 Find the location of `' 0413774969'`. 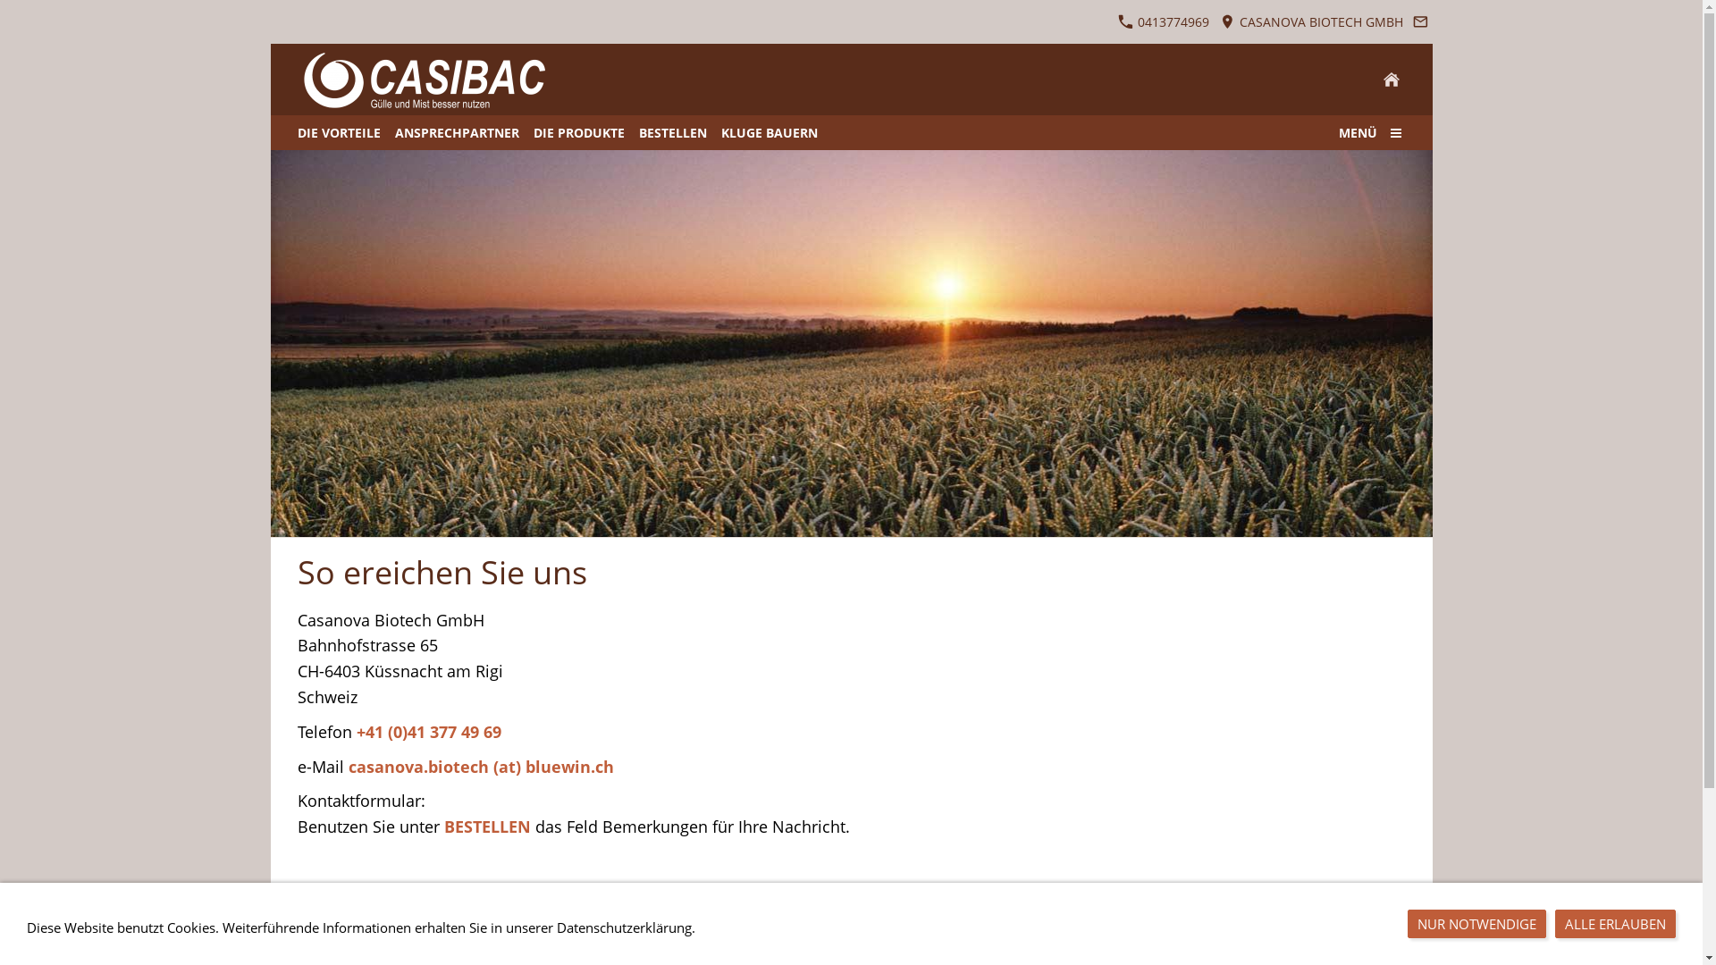

' 0413774969' is located at coordinates (1163, 21).